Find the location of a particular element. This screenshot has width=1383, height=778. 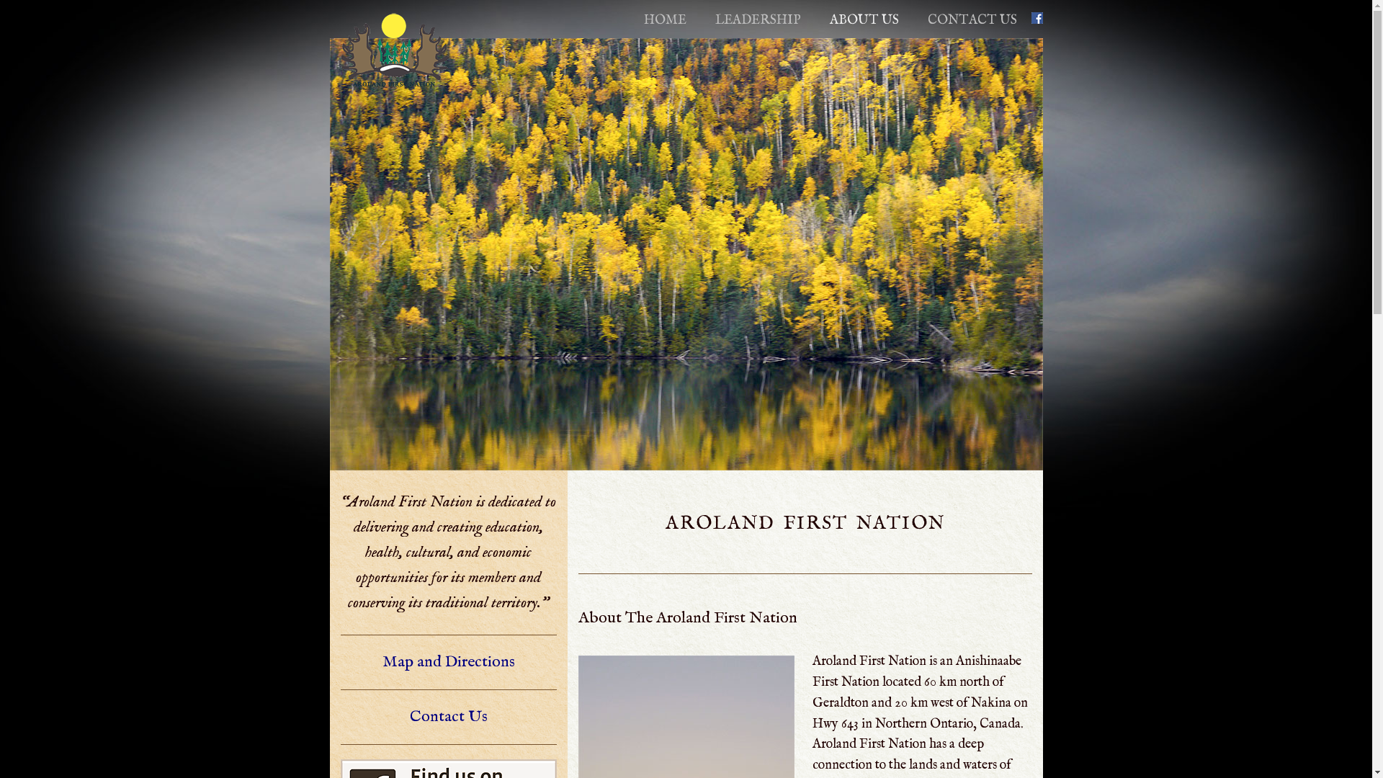

'Map and Directions' is located at coordinates (447, 661).